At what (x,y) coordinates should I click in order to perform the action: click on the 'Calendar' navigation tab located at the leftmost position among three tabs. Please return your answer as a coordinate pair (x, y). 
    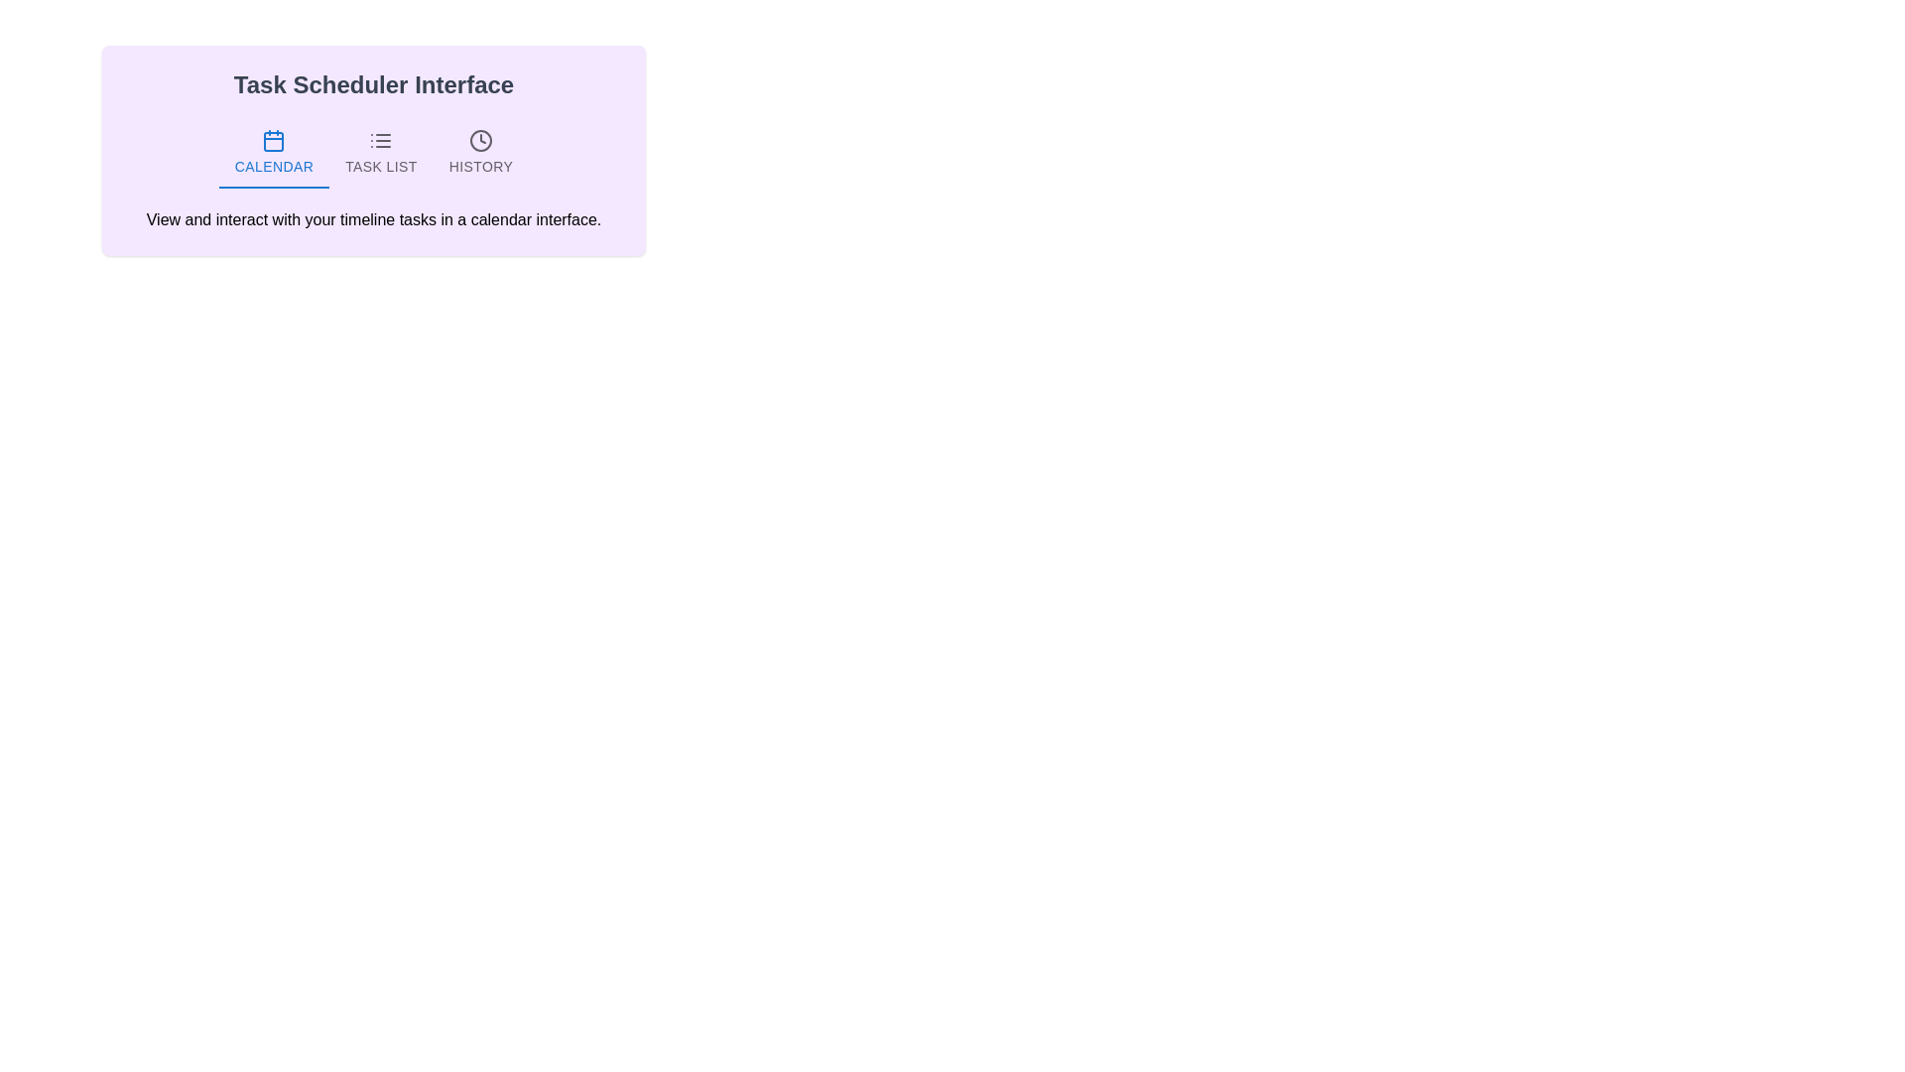
    Looking at the image, I should click on (272, 152).